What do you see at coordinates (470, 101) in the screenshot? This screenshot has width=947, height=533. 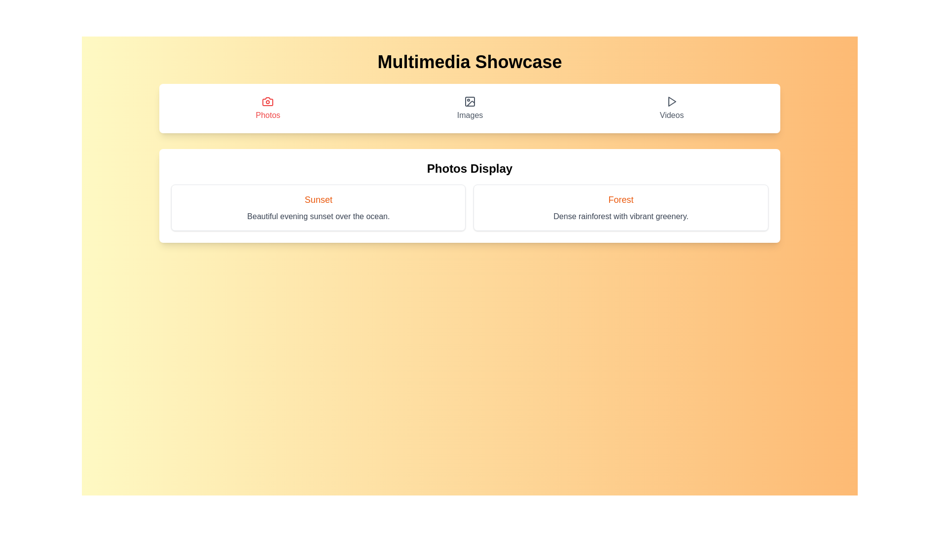 I see `SVG Rectangle element that serves as a decorative component of the 'Images' icon in the navigation bar by clicking on its center point` at bounding box center [470, 101].